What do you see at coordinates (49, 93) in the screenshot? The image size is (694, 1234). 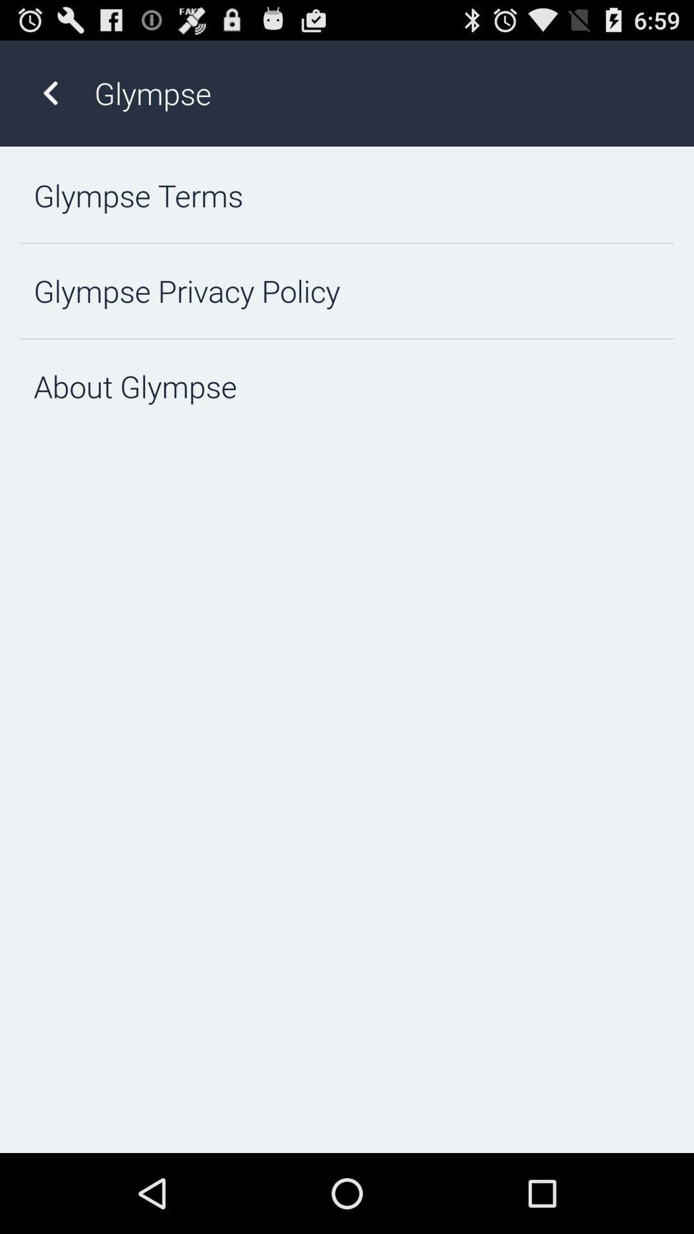 I see `the icon to the left of glympse` at bounding box center [49, 93].